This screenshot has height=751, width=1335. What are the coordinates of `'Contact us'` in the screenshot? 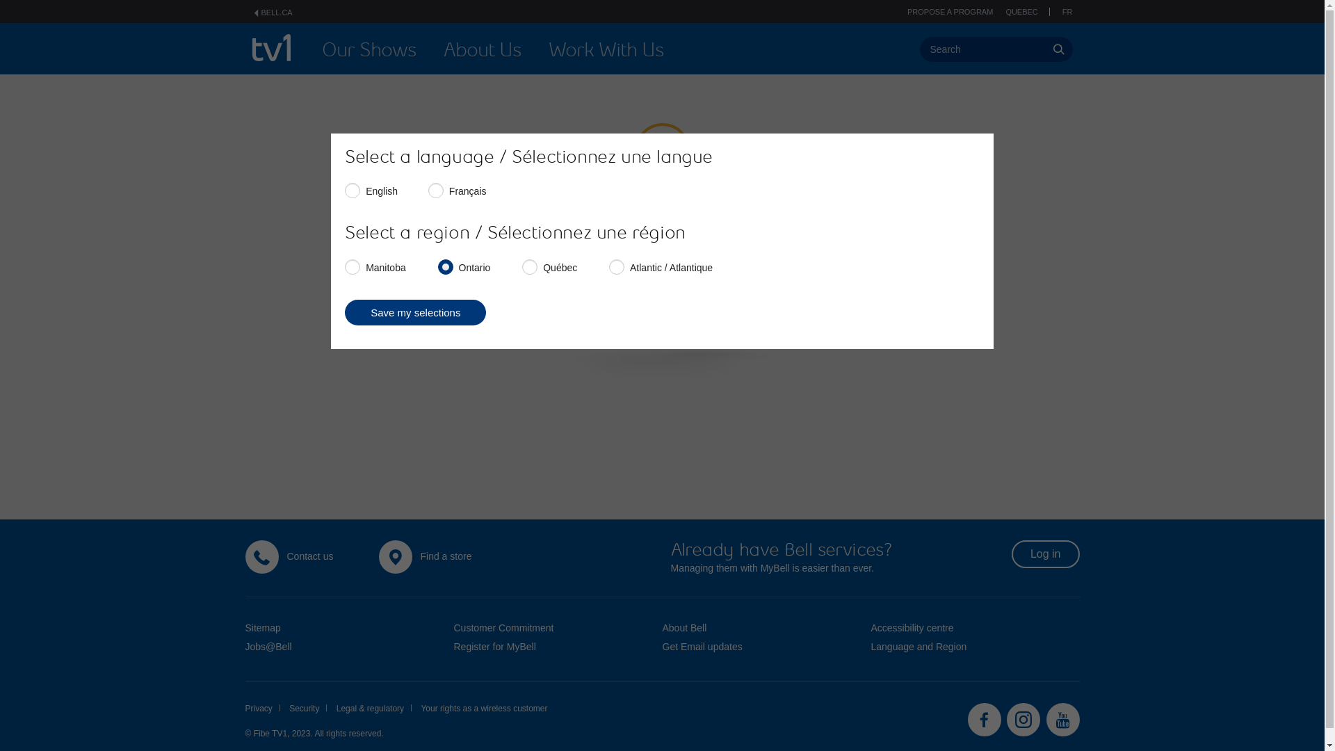 It's located at (309, 556).